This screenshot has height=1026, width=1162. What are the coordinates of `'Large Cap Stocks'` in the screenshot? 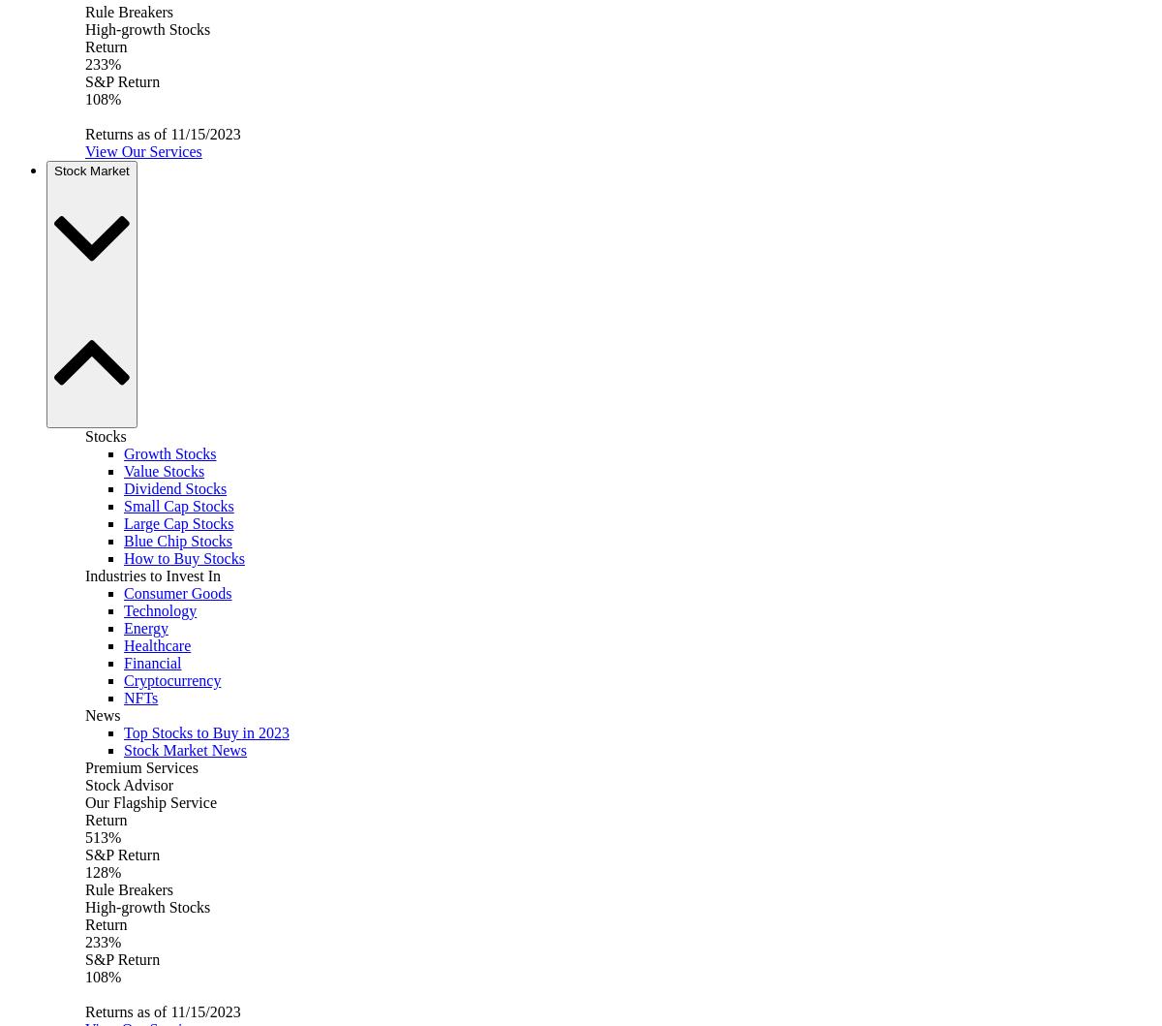 It's located at (177, 522).